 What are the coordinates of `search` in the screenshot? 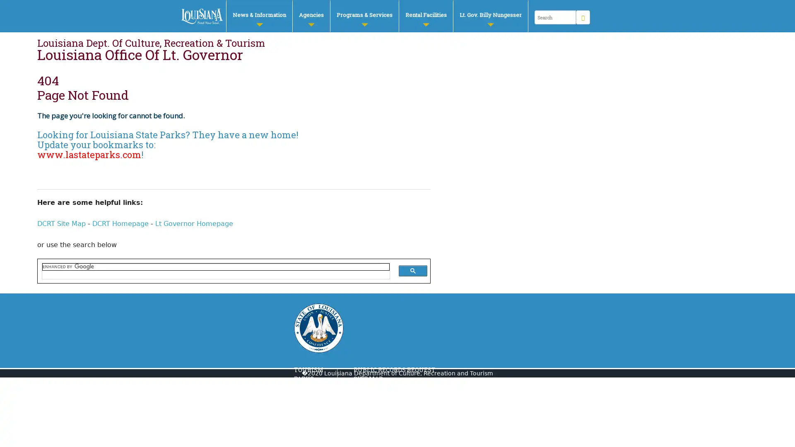 It's located at (412, 271).